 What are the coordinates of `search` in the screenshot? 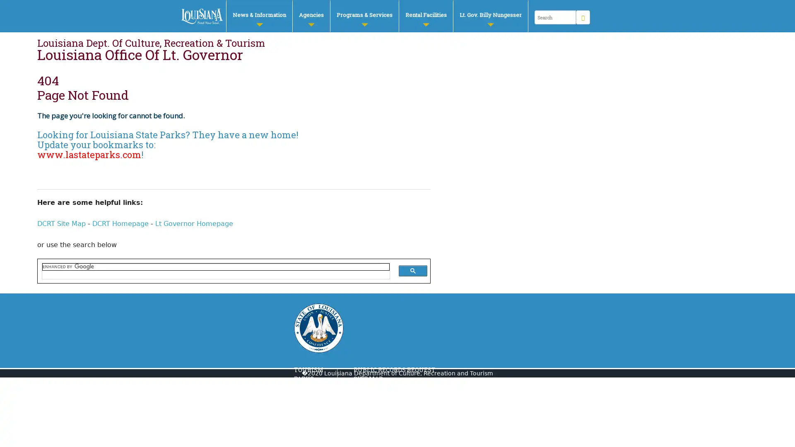 It's located at (412, 271).